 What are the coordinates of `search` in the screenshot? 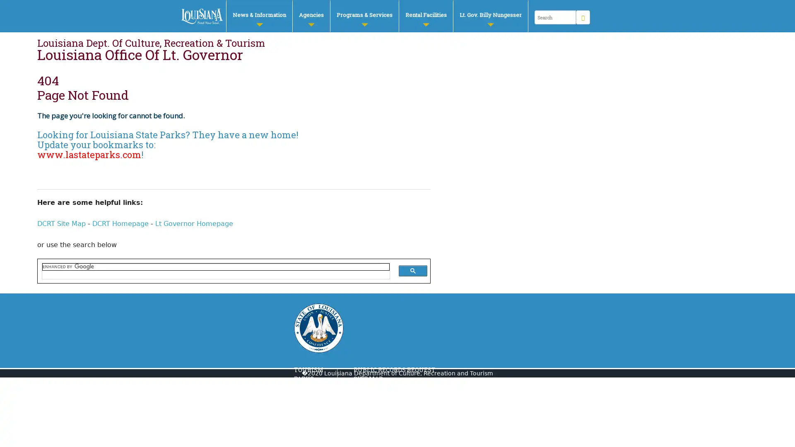 It's located at (412, 271).